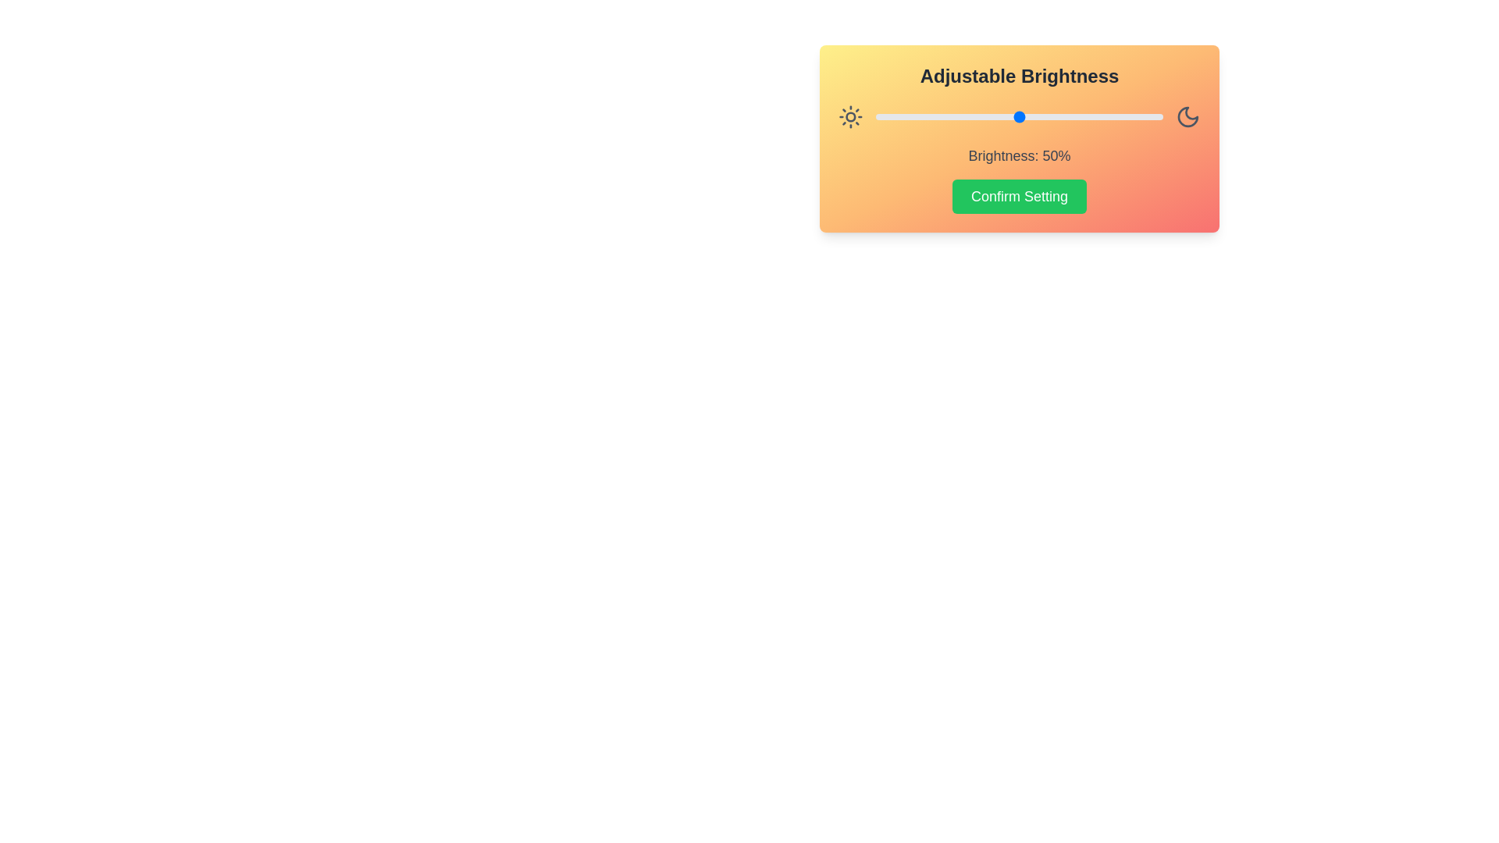  I want to click on the brightness slider to set the brightness to 96%, so click(1152, 116).